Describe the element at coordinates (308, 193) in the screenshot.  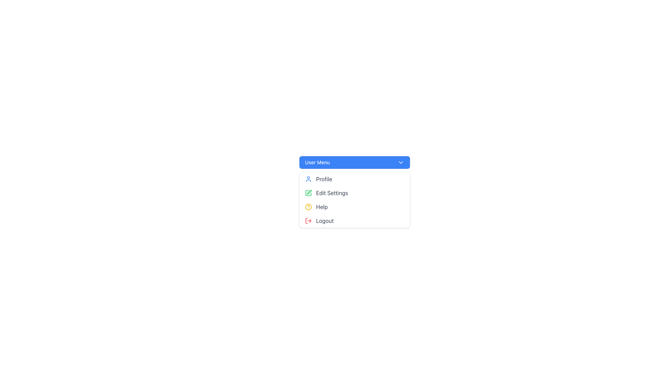
I see `the green pen or edit icon located` at that location.